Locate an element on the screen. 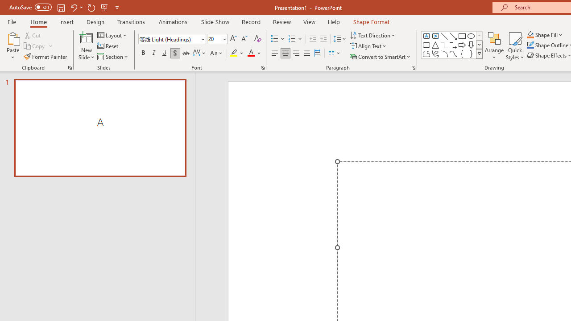 This screenshot has width=571, height=321. 'Shape Outline Blue, Accent 1' is located at coordinates (530, 45).